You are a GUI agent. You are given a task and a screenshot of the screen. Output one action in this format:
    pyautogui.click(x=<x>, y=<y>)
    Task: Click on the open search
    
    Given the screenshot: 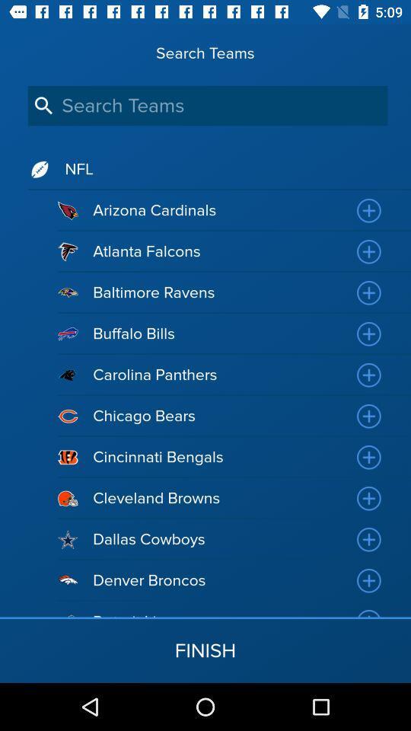 What is the action you would take?
    pyautogui.click(x=207, y=105)
    